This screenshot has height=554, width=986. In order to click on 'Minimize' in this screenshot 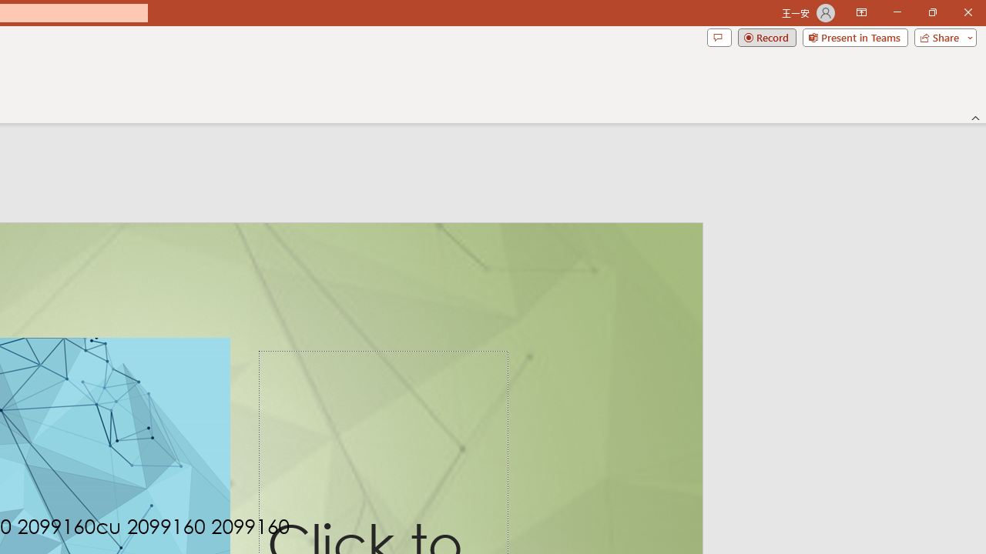, I will do `click(897, 12)`.